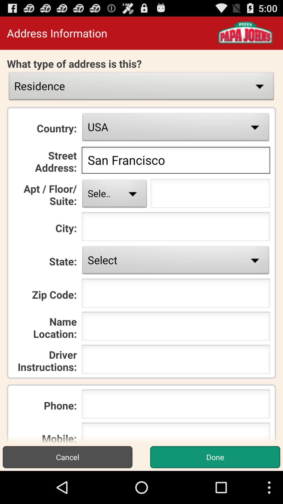 This screenshot has width=283, height=504. What do you see at coordinates (210, 195) in the screenshot?
I see `for units` at bounding box center [210, 195].